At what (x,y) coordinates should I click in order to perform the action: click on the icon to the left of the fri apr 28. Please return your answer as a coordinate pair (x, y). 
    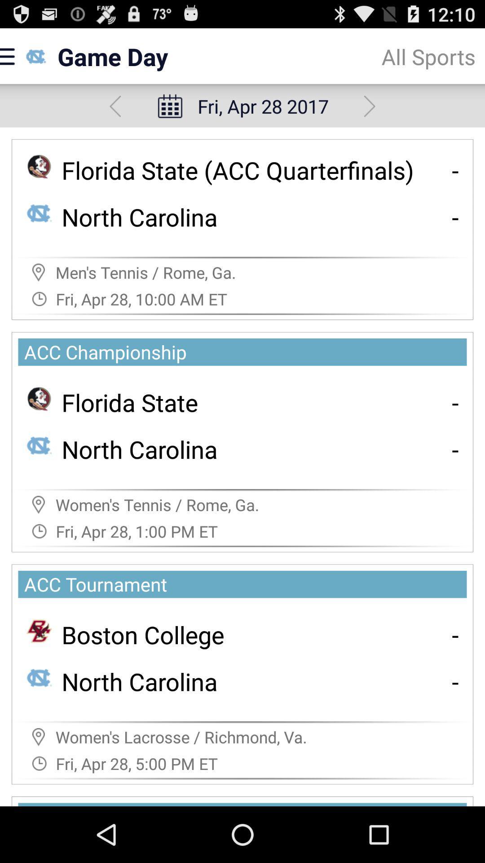
    Looking at the image, I should click on (115, 106).